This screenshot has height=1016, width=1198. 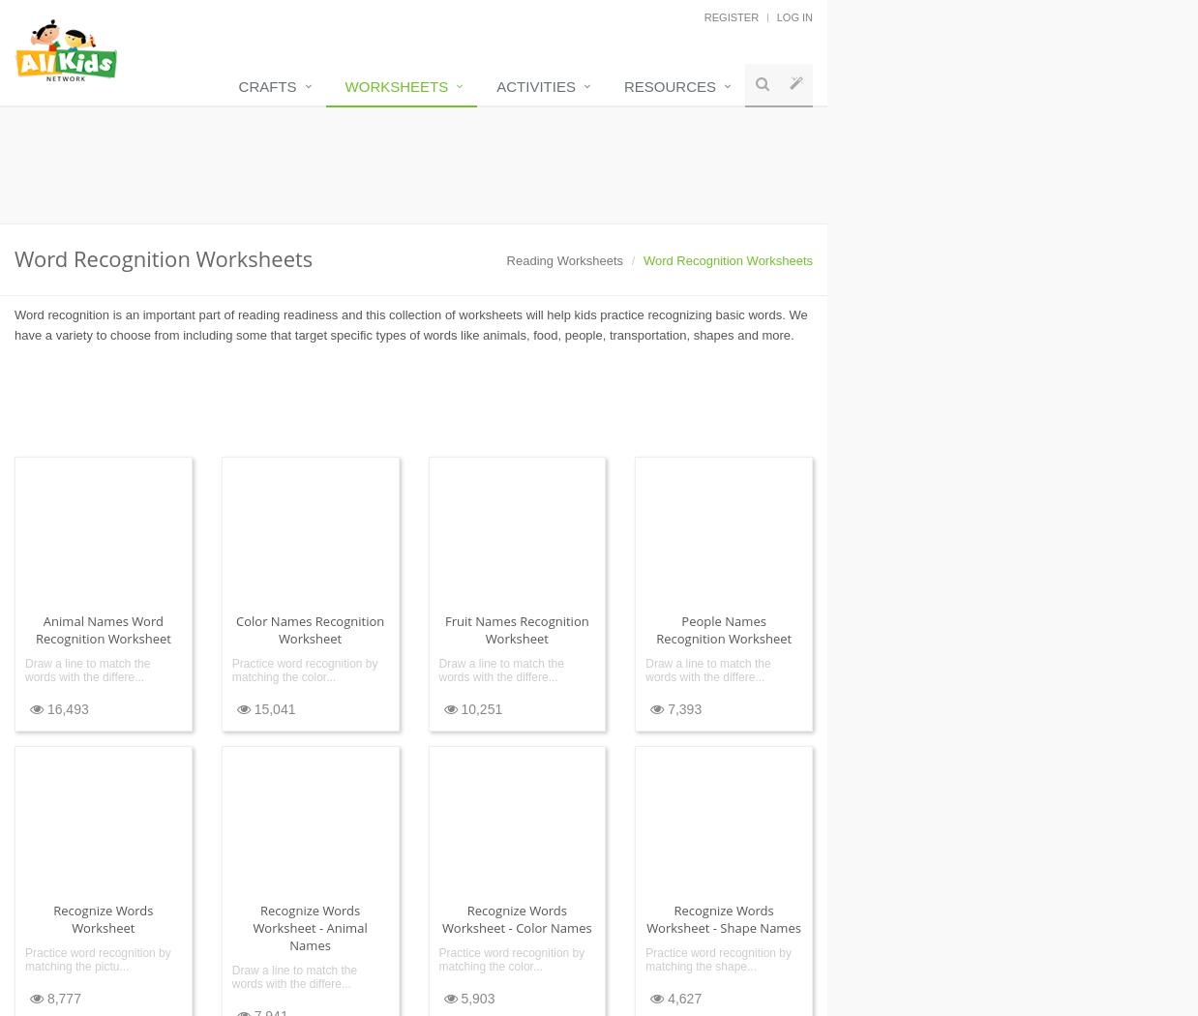 What do you see at coordinates (564, 259) in the screenshot?
I see `'Reading Worksheets'` at bounding box center [564, 259].